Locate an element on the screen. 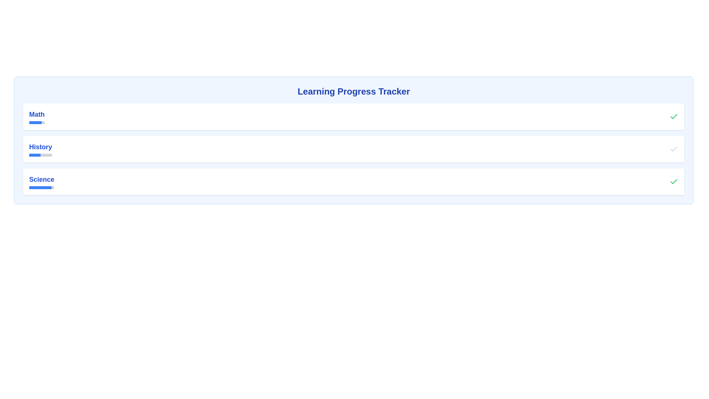  the Progress Indicator for 'History' is located at coordinates (40, 149).